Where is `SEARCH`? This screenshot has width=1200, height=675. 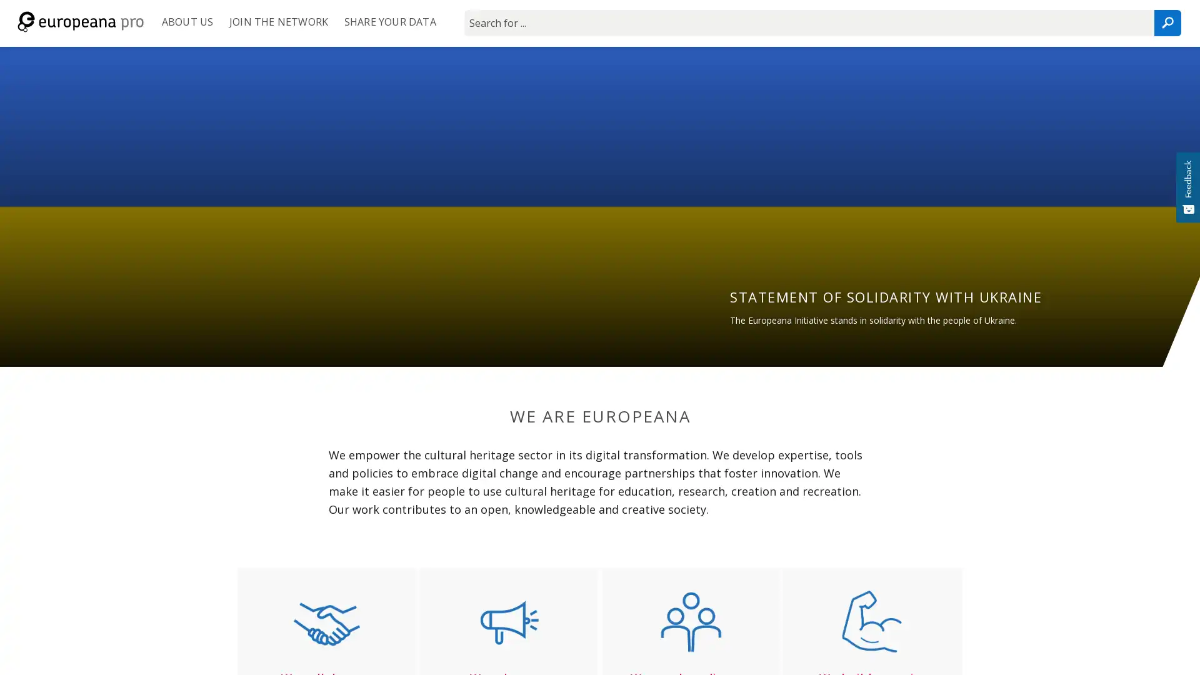 SEARCH is located at coordinates (1166, 23).